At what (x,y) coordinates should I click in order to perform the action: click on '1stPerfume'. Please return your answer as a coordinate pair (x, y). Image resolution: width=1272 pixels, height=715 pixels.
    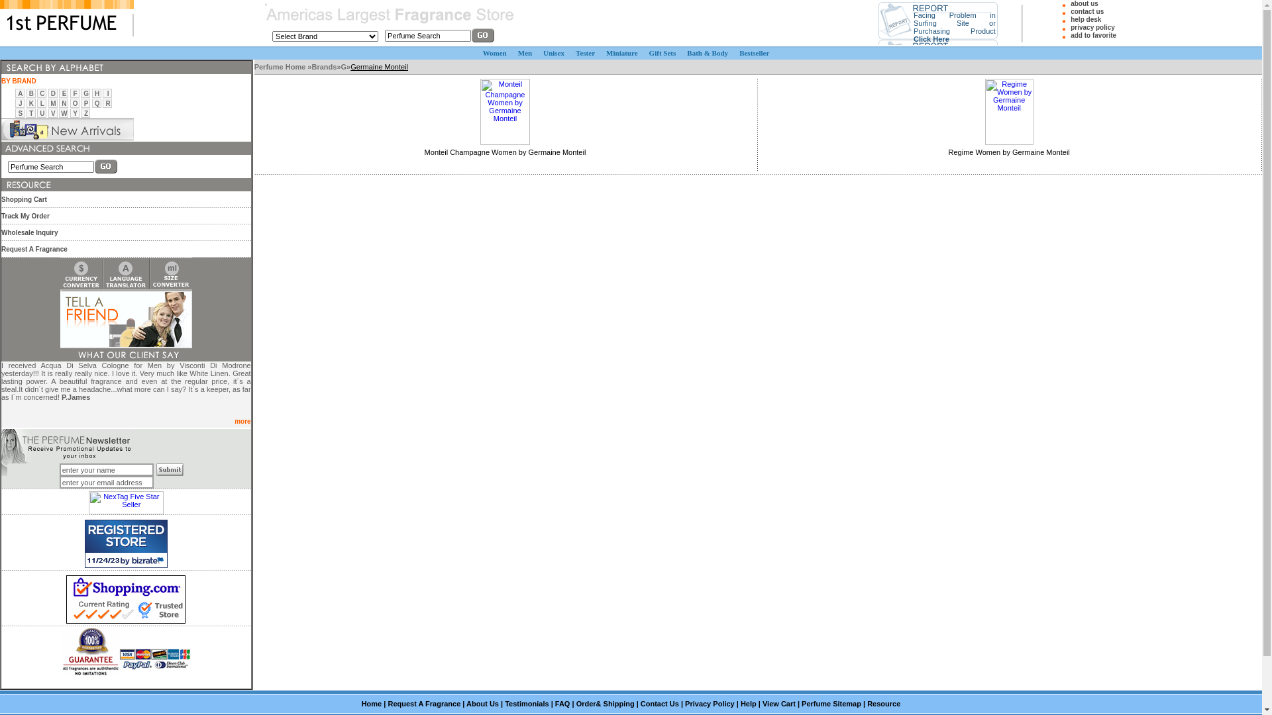
    Looking at the image, I should click on (66, 18).